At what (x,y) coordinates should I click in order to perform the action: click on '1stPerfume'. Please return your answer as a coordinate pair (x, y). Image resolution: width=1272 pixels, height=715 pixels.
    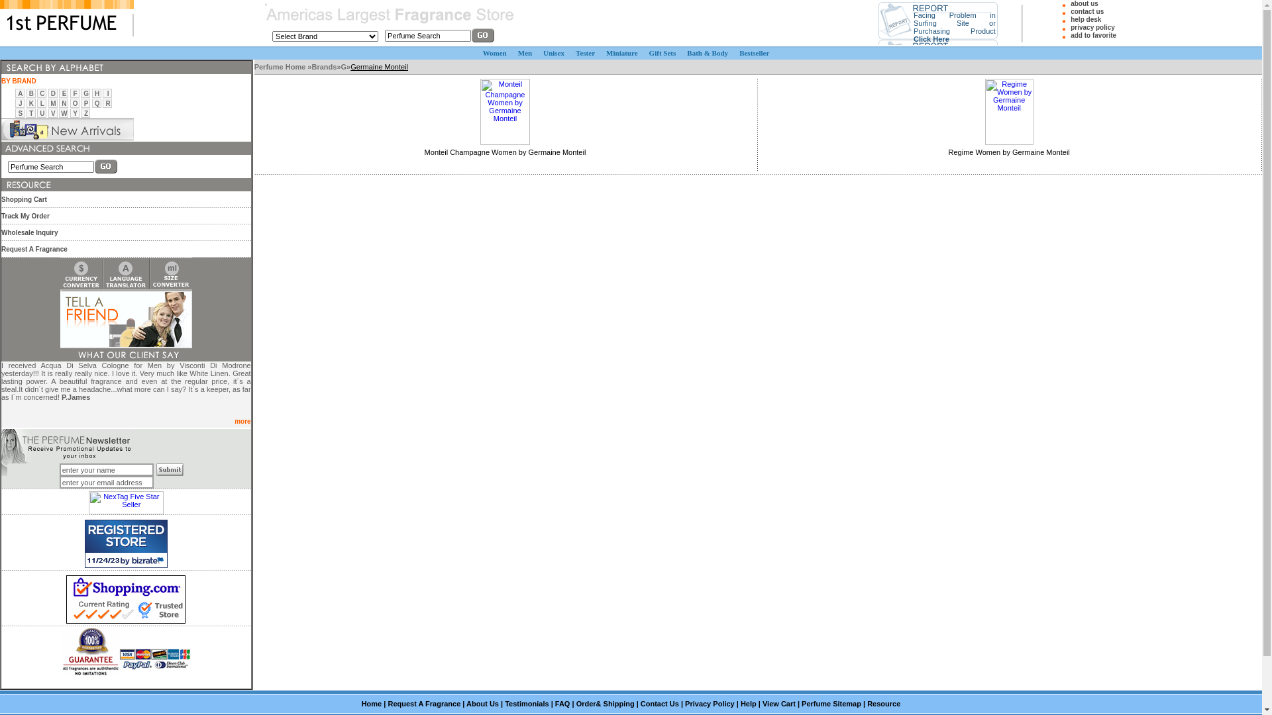
    Looking at the image, I should click on (66, 18).